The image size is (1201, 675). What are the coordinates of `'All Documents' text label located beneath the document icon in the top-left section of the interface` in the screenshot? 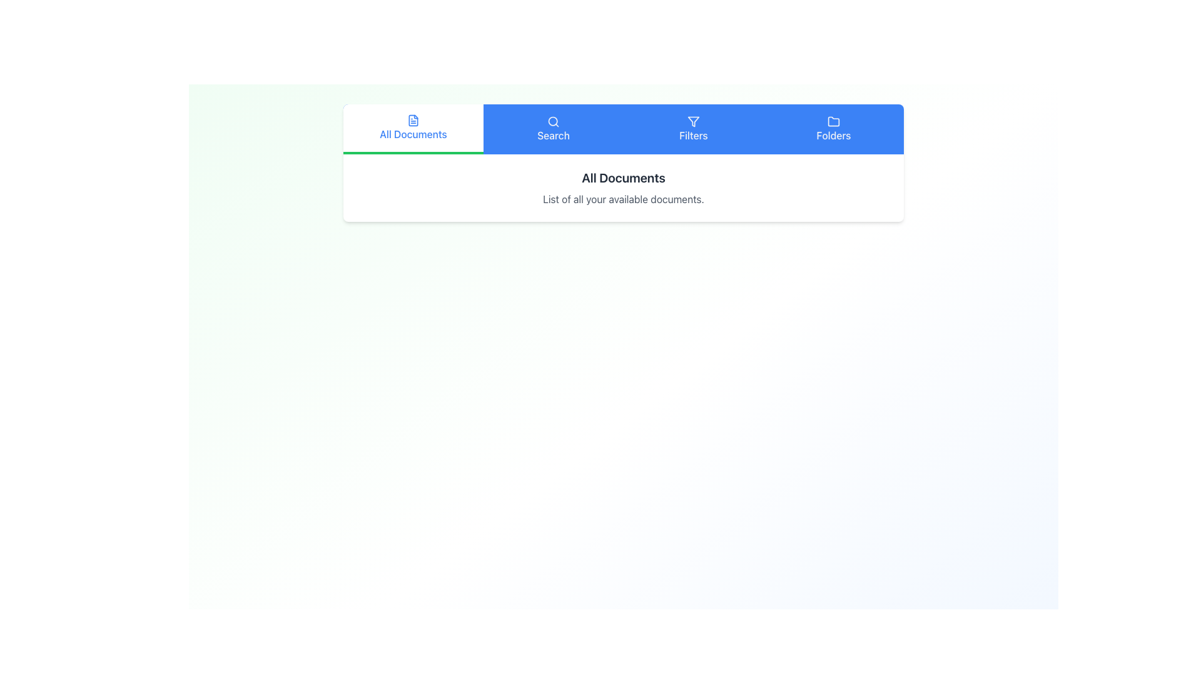 It's located at (413, 134).